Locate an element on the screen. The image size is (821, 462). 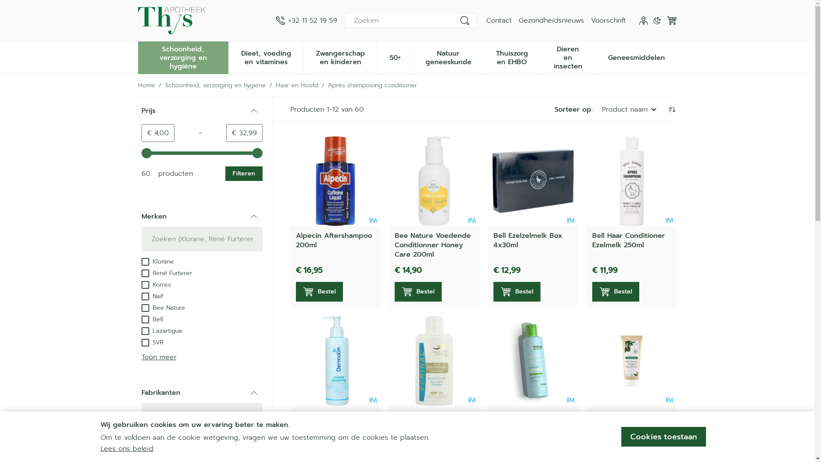
'Winkelwagen' is located at coordinates (670, 20).